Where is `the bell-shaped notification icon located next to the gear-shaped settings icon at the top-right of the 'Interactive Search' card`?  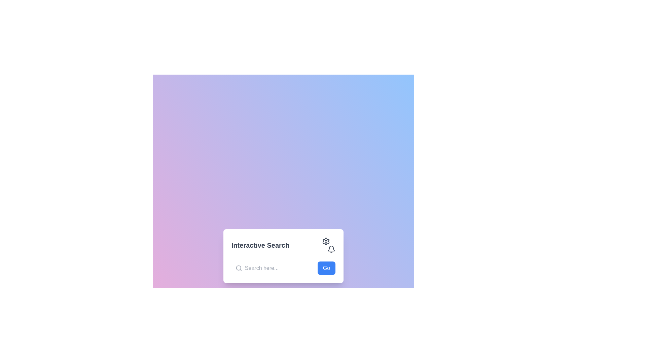 the bell-shaped notification icon located next to the gear-shaped settings icon at the top-right of the 'Interactive Search' card is located at coordinates (331, 249).